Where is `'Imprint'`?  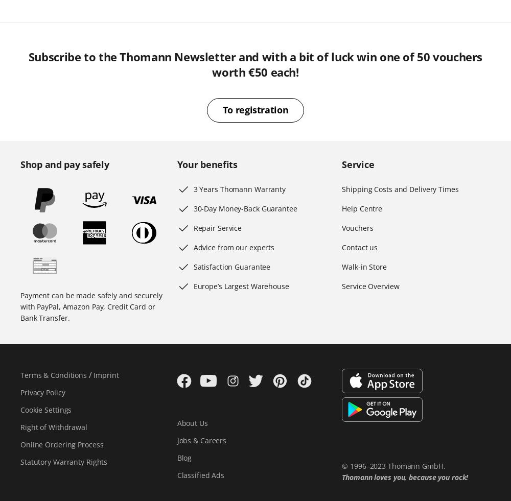 'Imprint' is located at coordinates (105, 375).